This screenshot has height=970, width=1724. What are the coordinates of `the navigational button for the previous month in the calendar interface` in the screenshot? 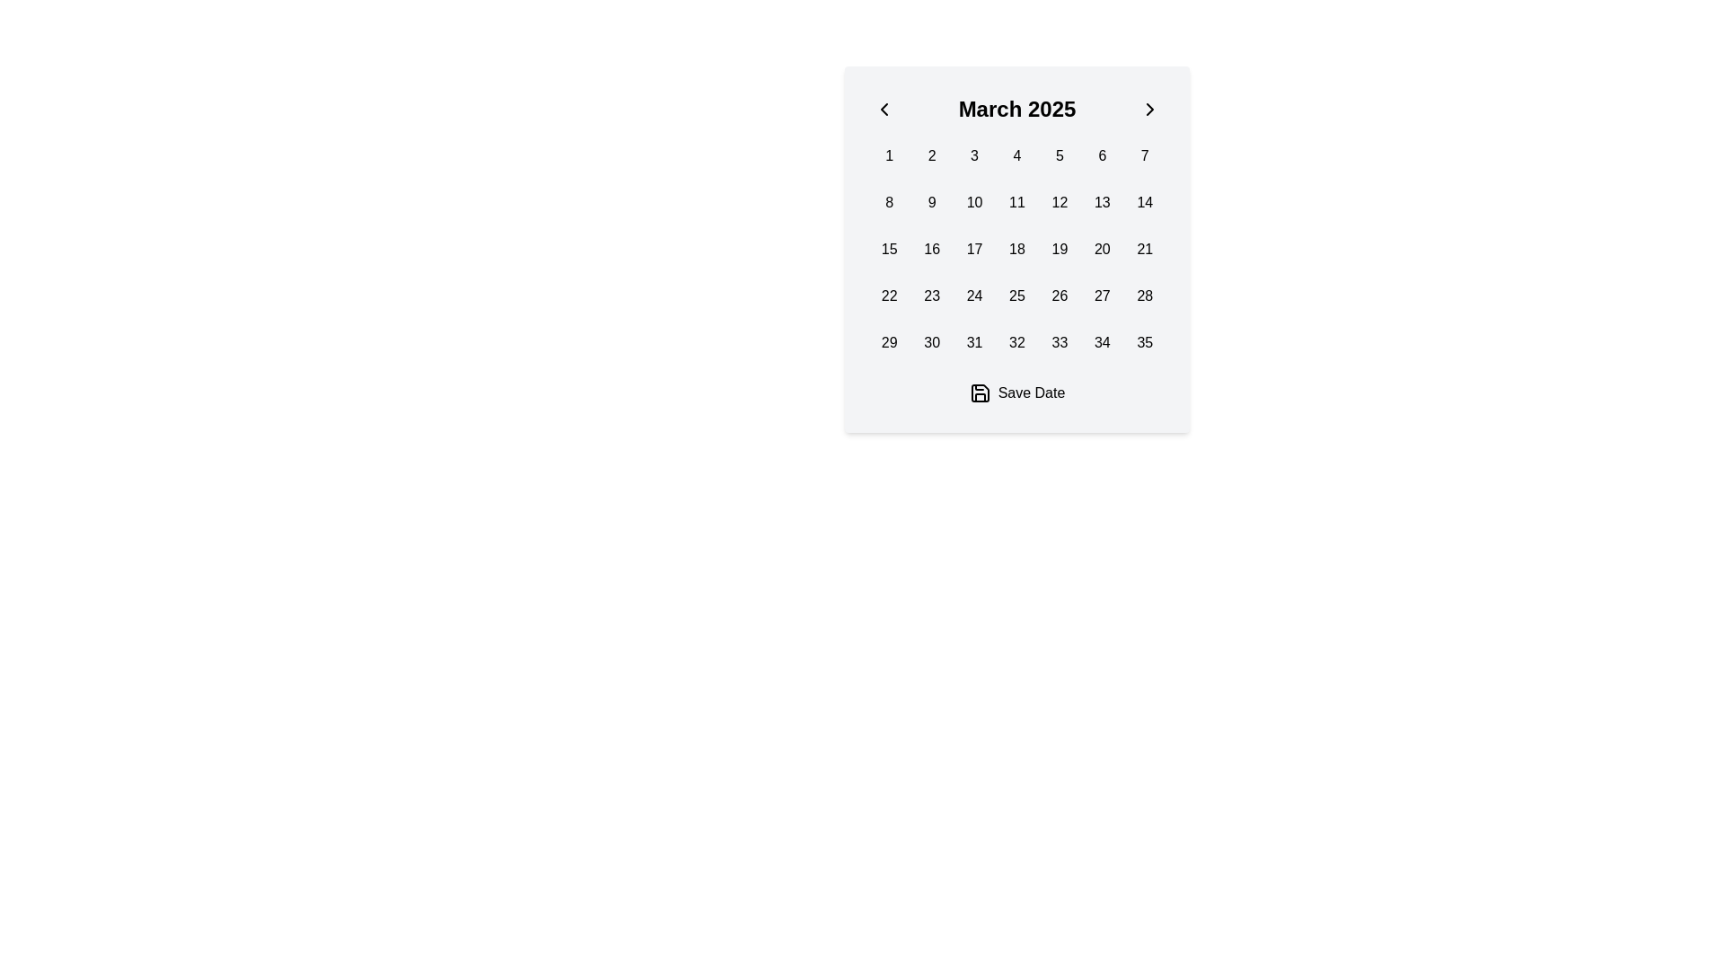 It's located at (884, 110).